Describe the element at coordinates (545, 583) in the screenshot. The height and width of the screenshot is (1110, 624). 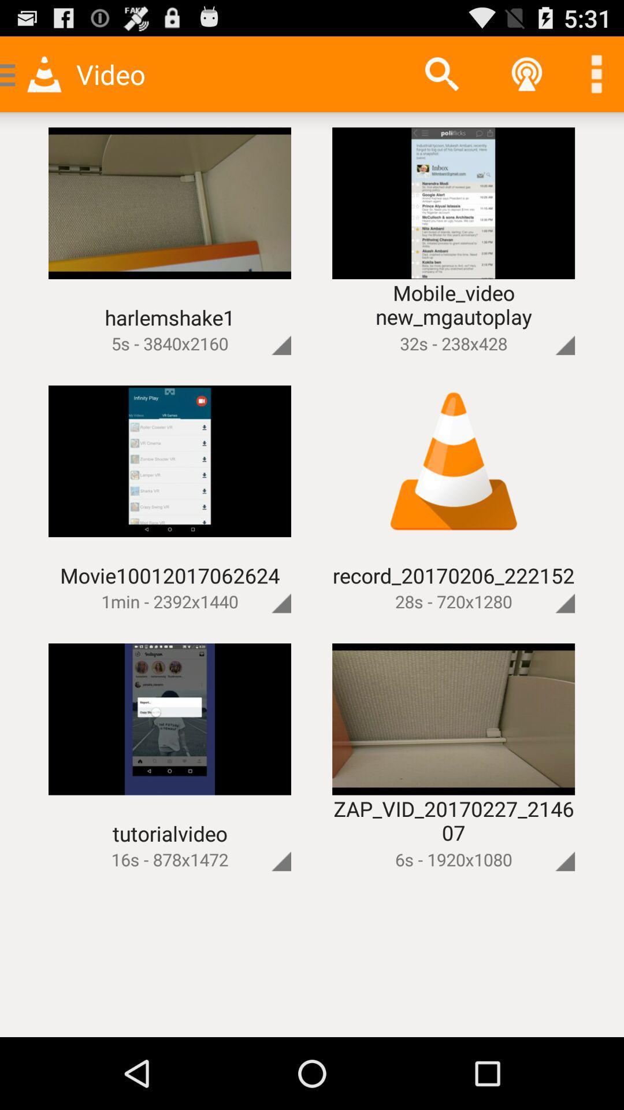
I see `full size image` at that location.